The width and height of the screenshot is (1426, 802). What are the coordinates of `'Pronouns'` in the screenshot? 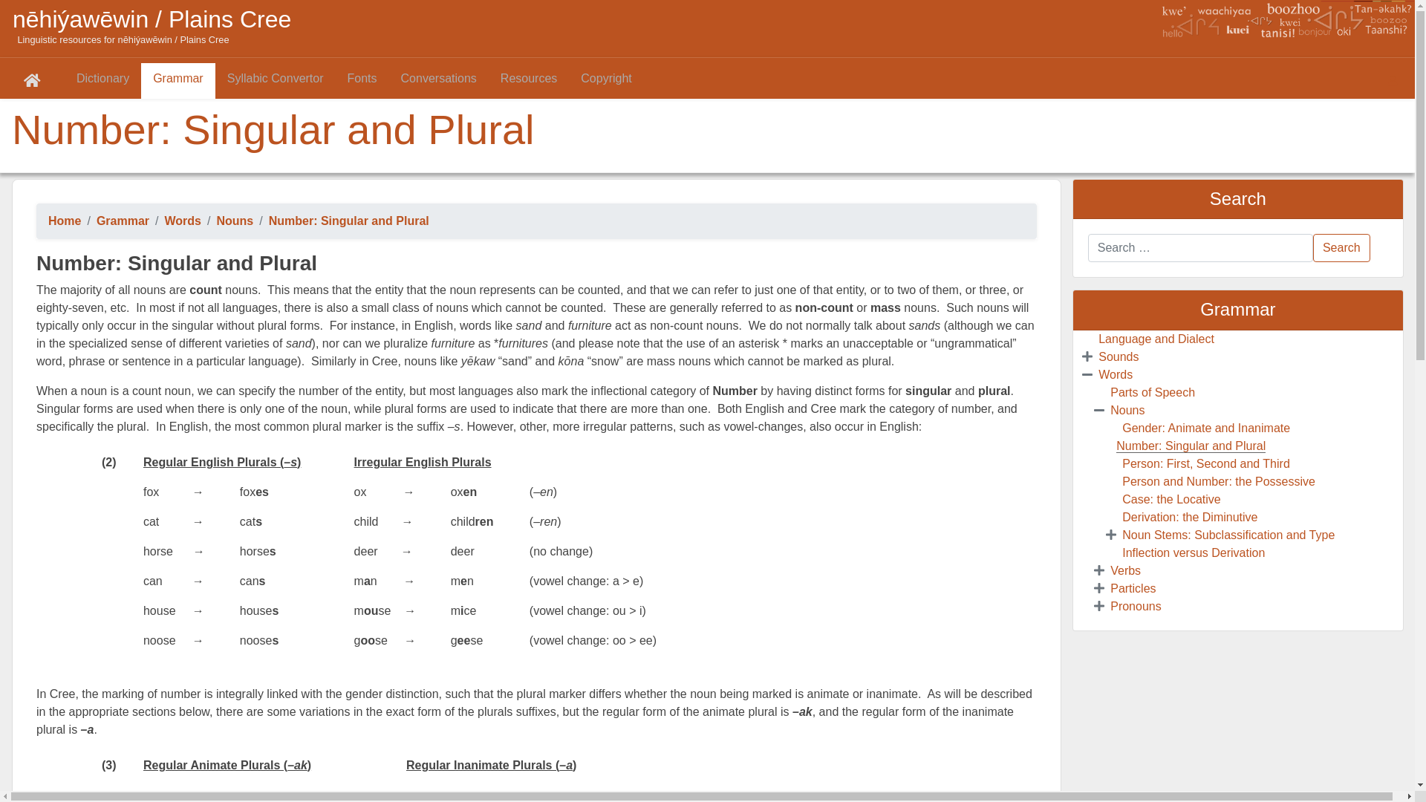 It's located at (1135, 606).